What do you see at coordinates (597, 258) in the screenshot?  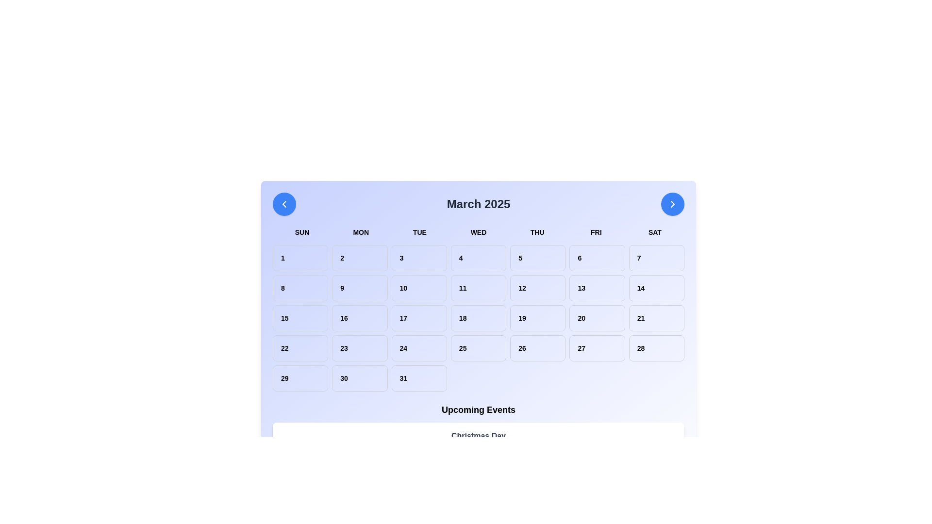 I see `the calendar date cell displaying the number '6' located in the topmost row of the calendar under 'FRI'` at bounding box center [597, 258].